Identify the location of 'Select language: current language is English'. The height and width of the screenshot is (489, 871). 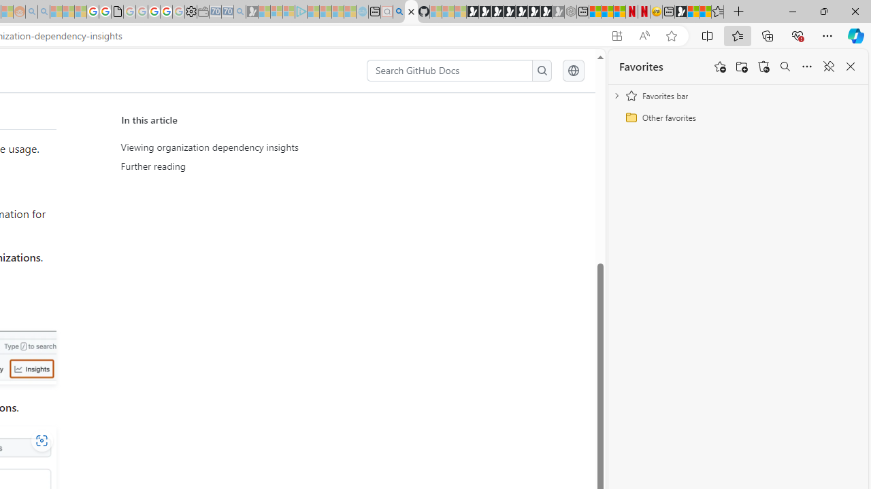
(573, 71).